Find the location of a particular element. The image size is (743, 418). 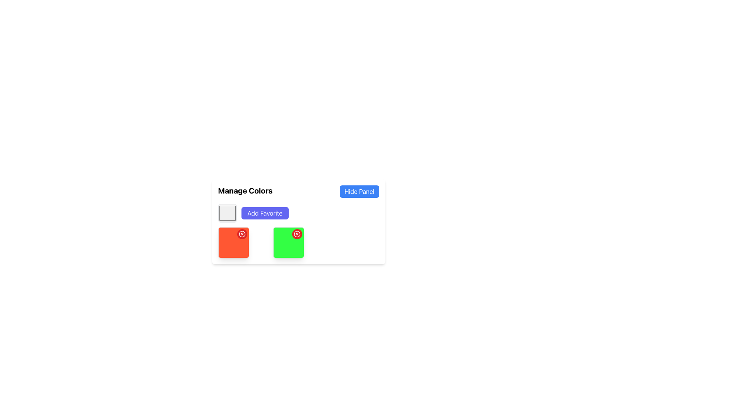

the upper-right corner of the interactive color box with a delete button, which features a small circular red icon with a white cross is located at coordinates (298, 222).